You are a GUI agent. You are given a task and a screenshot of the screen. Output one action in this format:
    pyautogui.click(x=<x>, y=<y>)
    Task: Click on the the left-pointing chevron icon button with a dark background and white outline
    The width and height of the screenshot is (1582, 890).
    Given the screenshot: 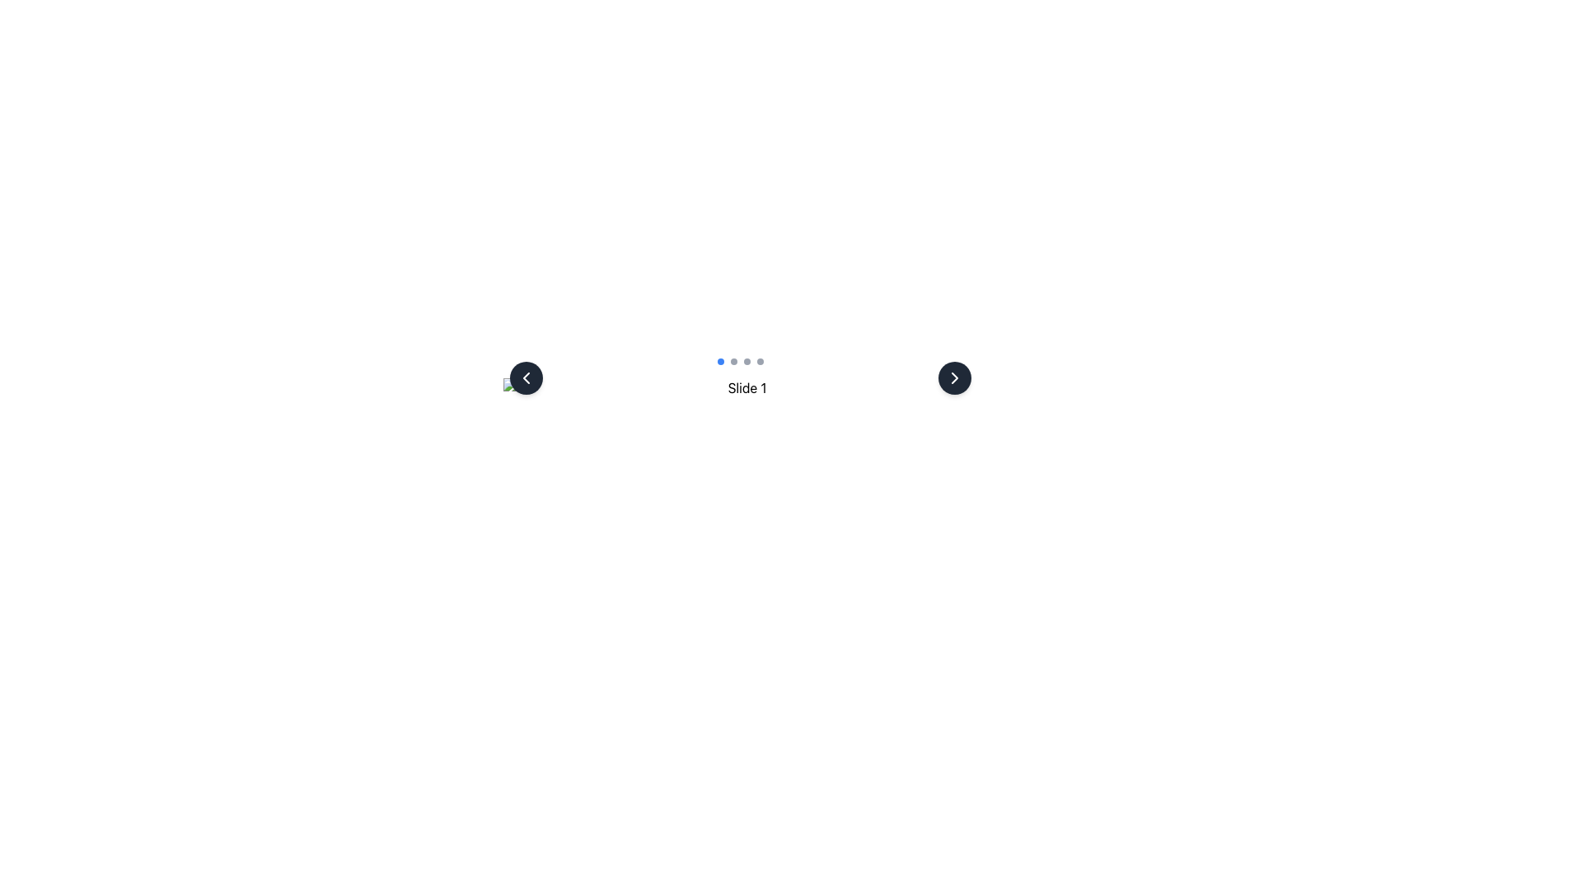 What is the action you would take?
    pyautogui.click(x=525, y=378)
    